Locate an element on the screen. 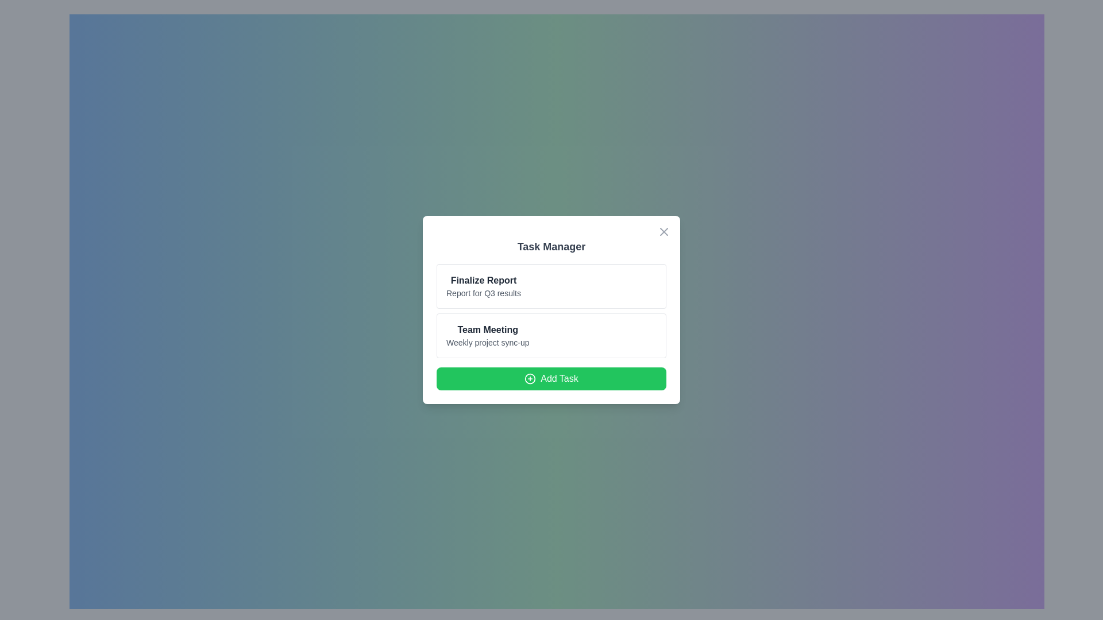  the bold text 'Finalize Report' which is prominently displayed in dark gray within the 'Task Manager' card is located at coordinates (483, 281).